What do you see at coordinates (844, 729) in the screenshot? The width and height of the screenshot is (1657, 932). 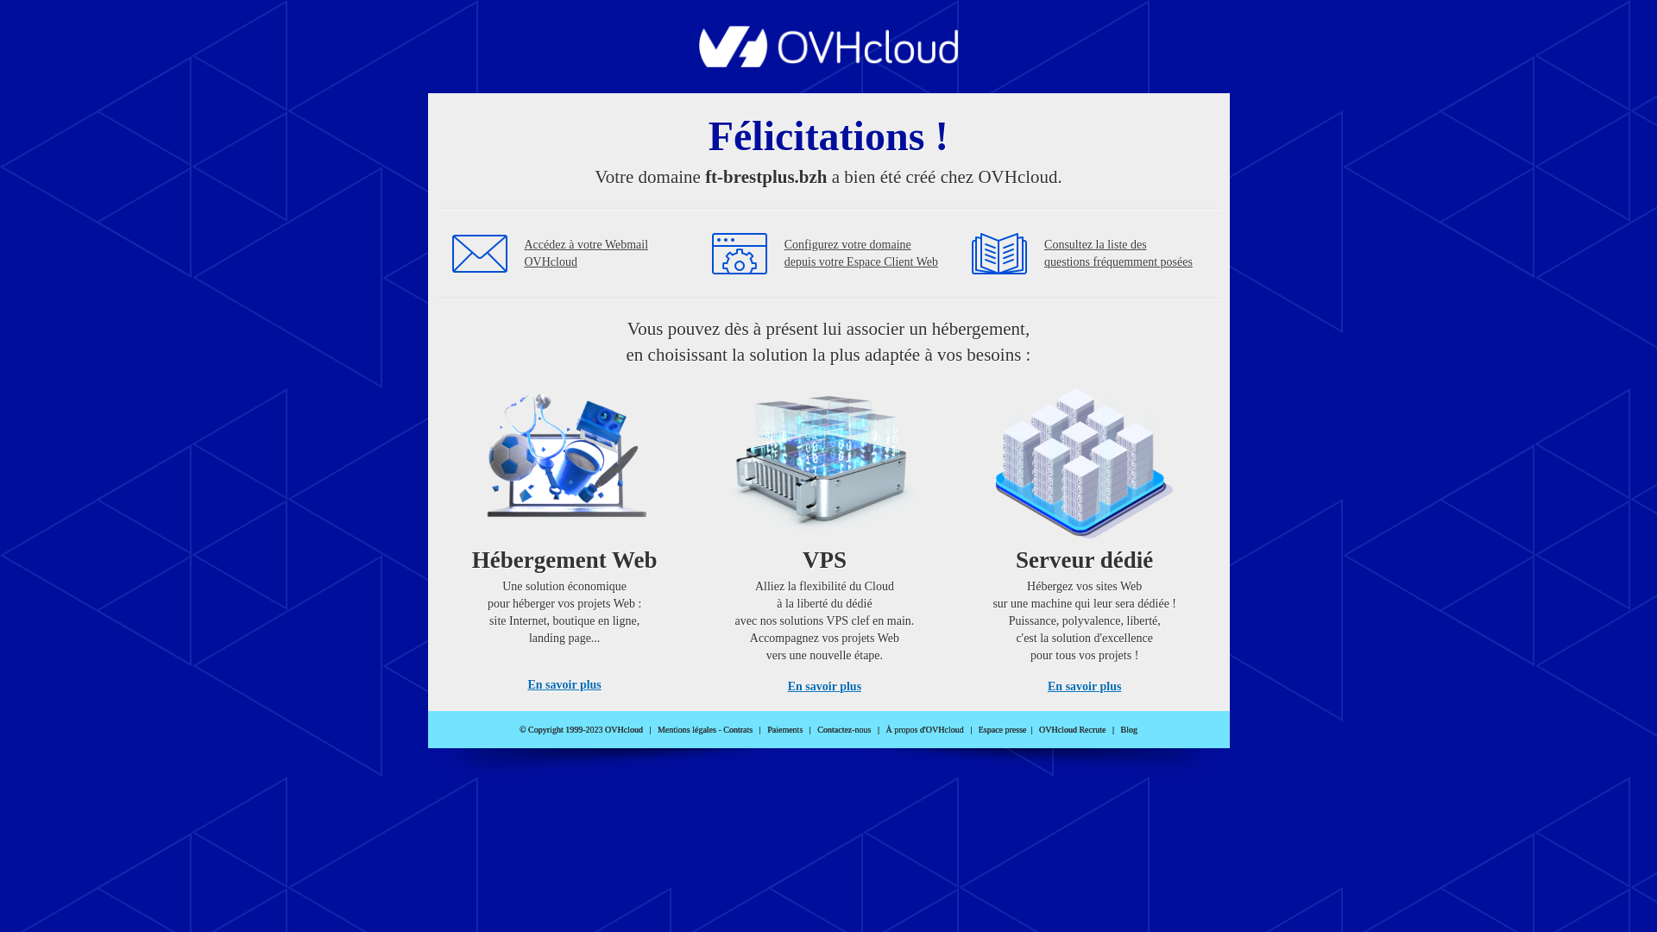 I see `'Contactez-nous'` at bounding box center [844, 729].